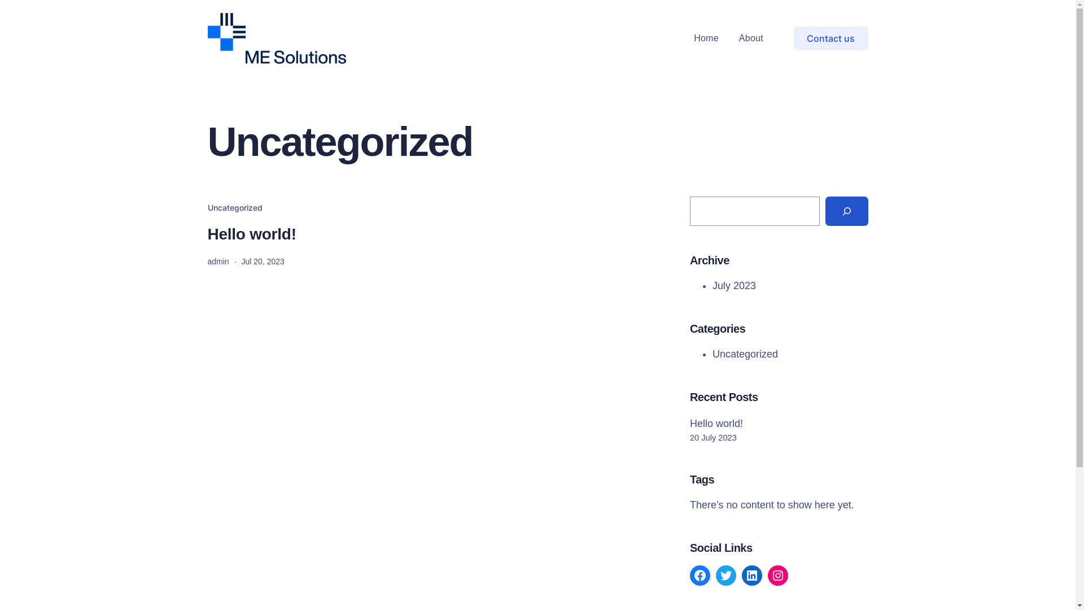  I want to click on 'Twitter', so click(715, 575).